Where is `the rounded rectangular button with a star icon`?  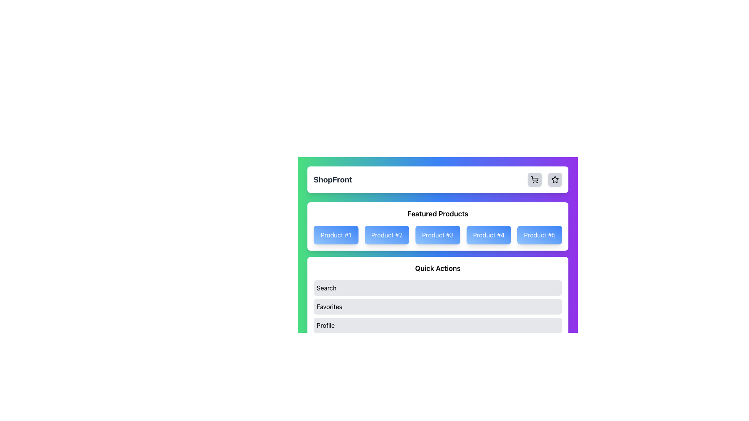 the rounded rectangular button with a star icon is located at coordinates (554, 180).